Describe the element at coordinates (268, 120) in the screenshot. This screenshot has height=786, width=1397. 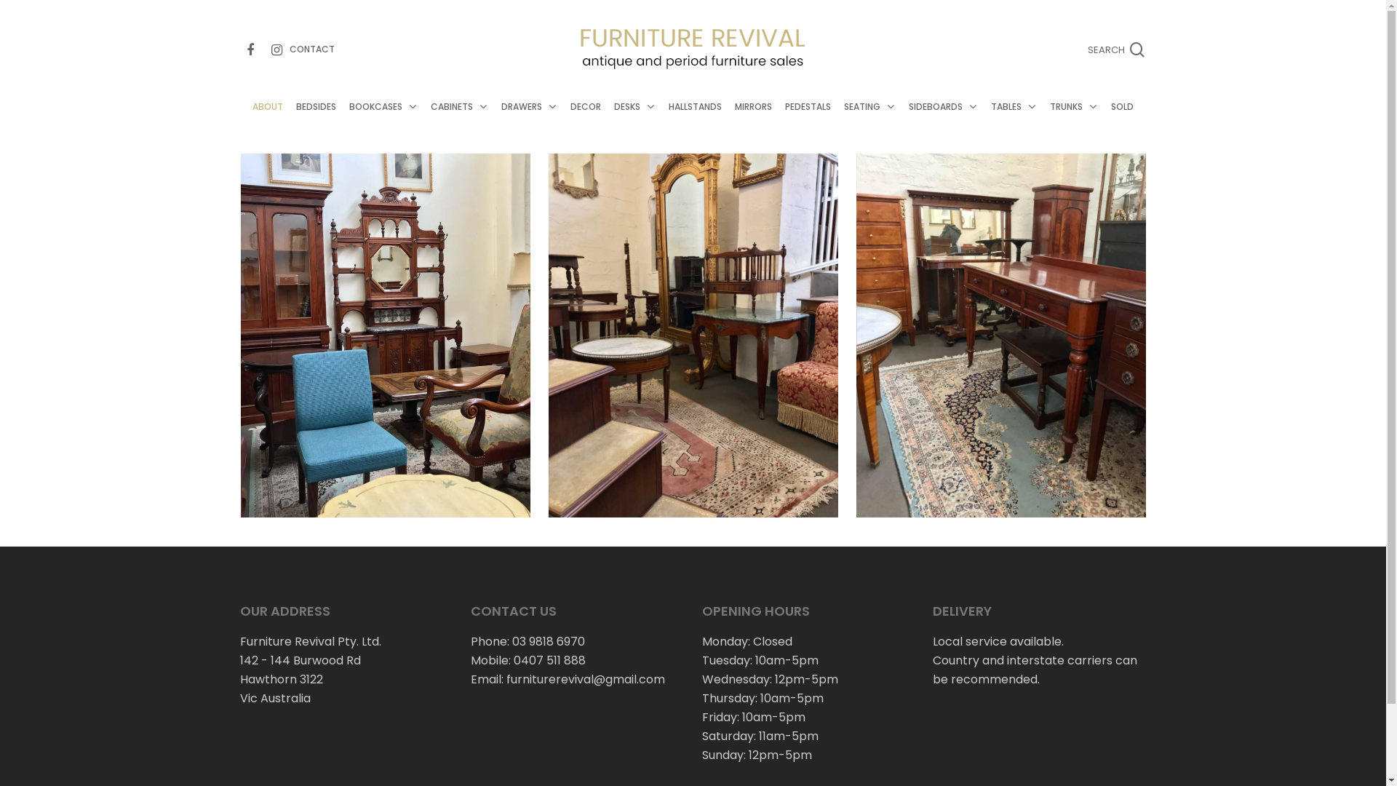
I see `'ABOUT'` at that location.